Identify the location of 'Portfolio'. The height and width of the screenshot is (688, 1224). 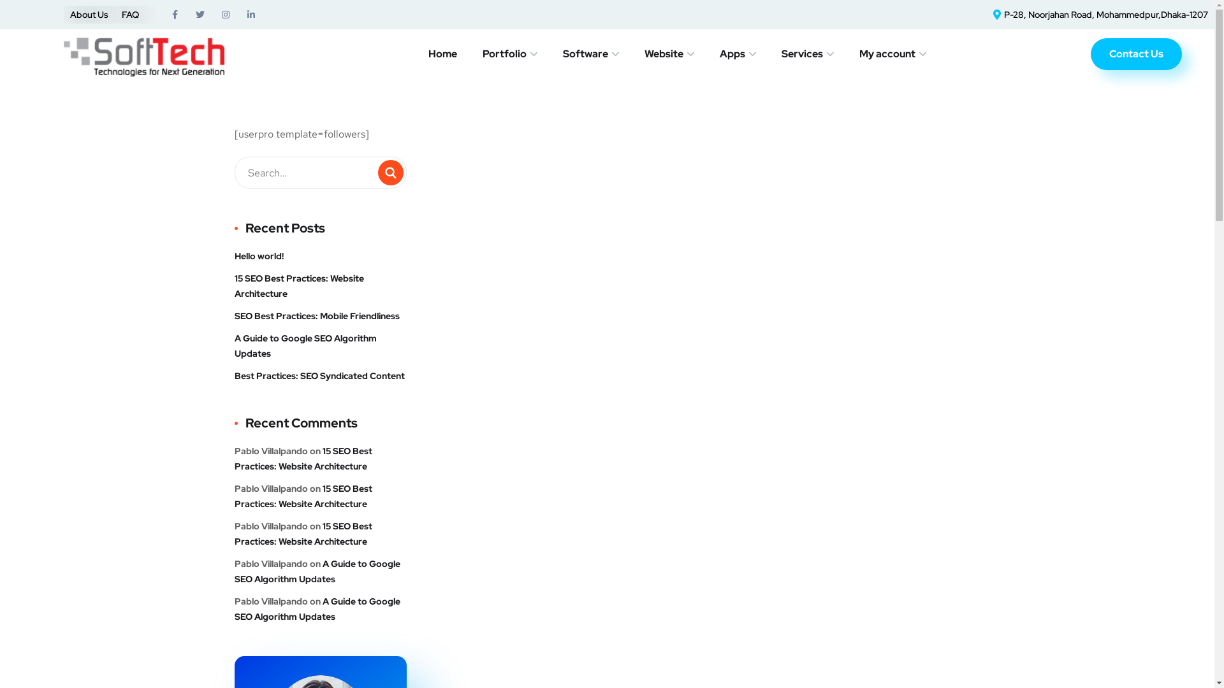
(510, 53).